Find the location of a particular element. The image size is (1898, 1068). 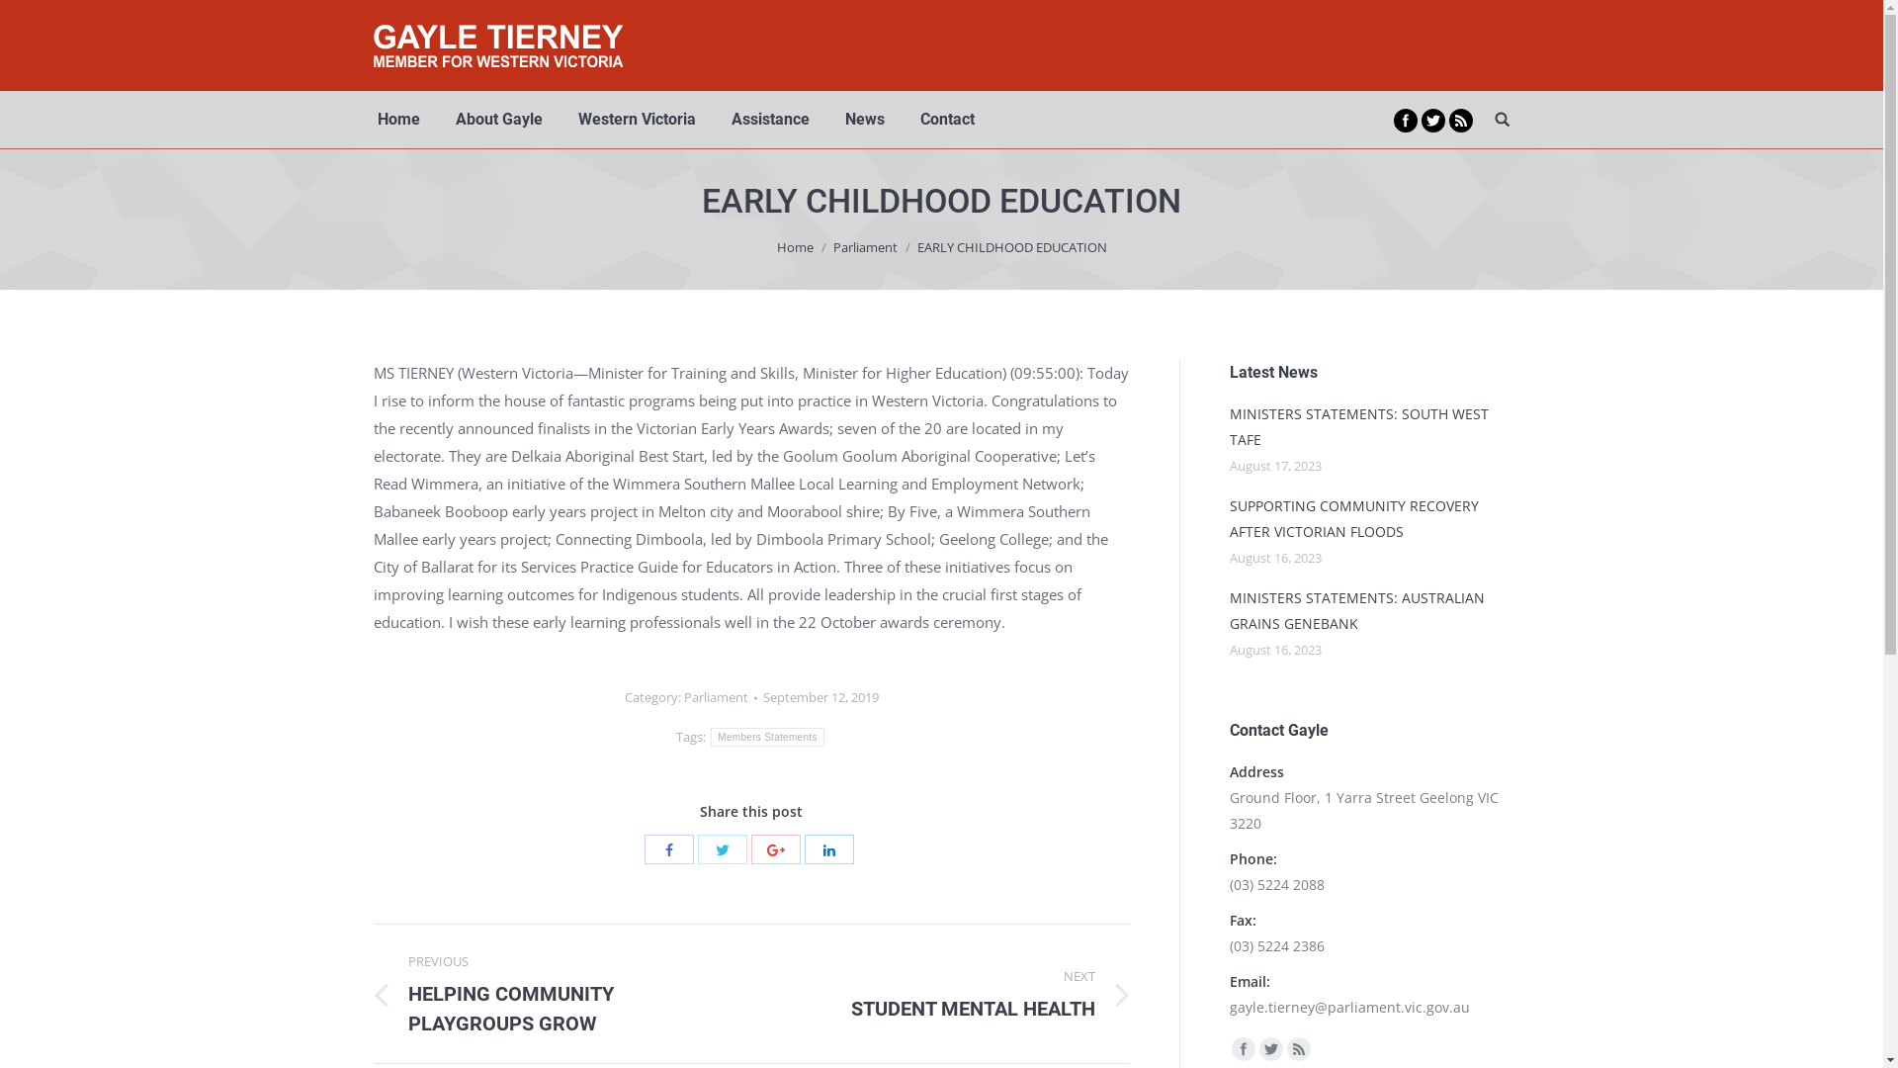

'Twitter' is located at coordinates (697, 848).